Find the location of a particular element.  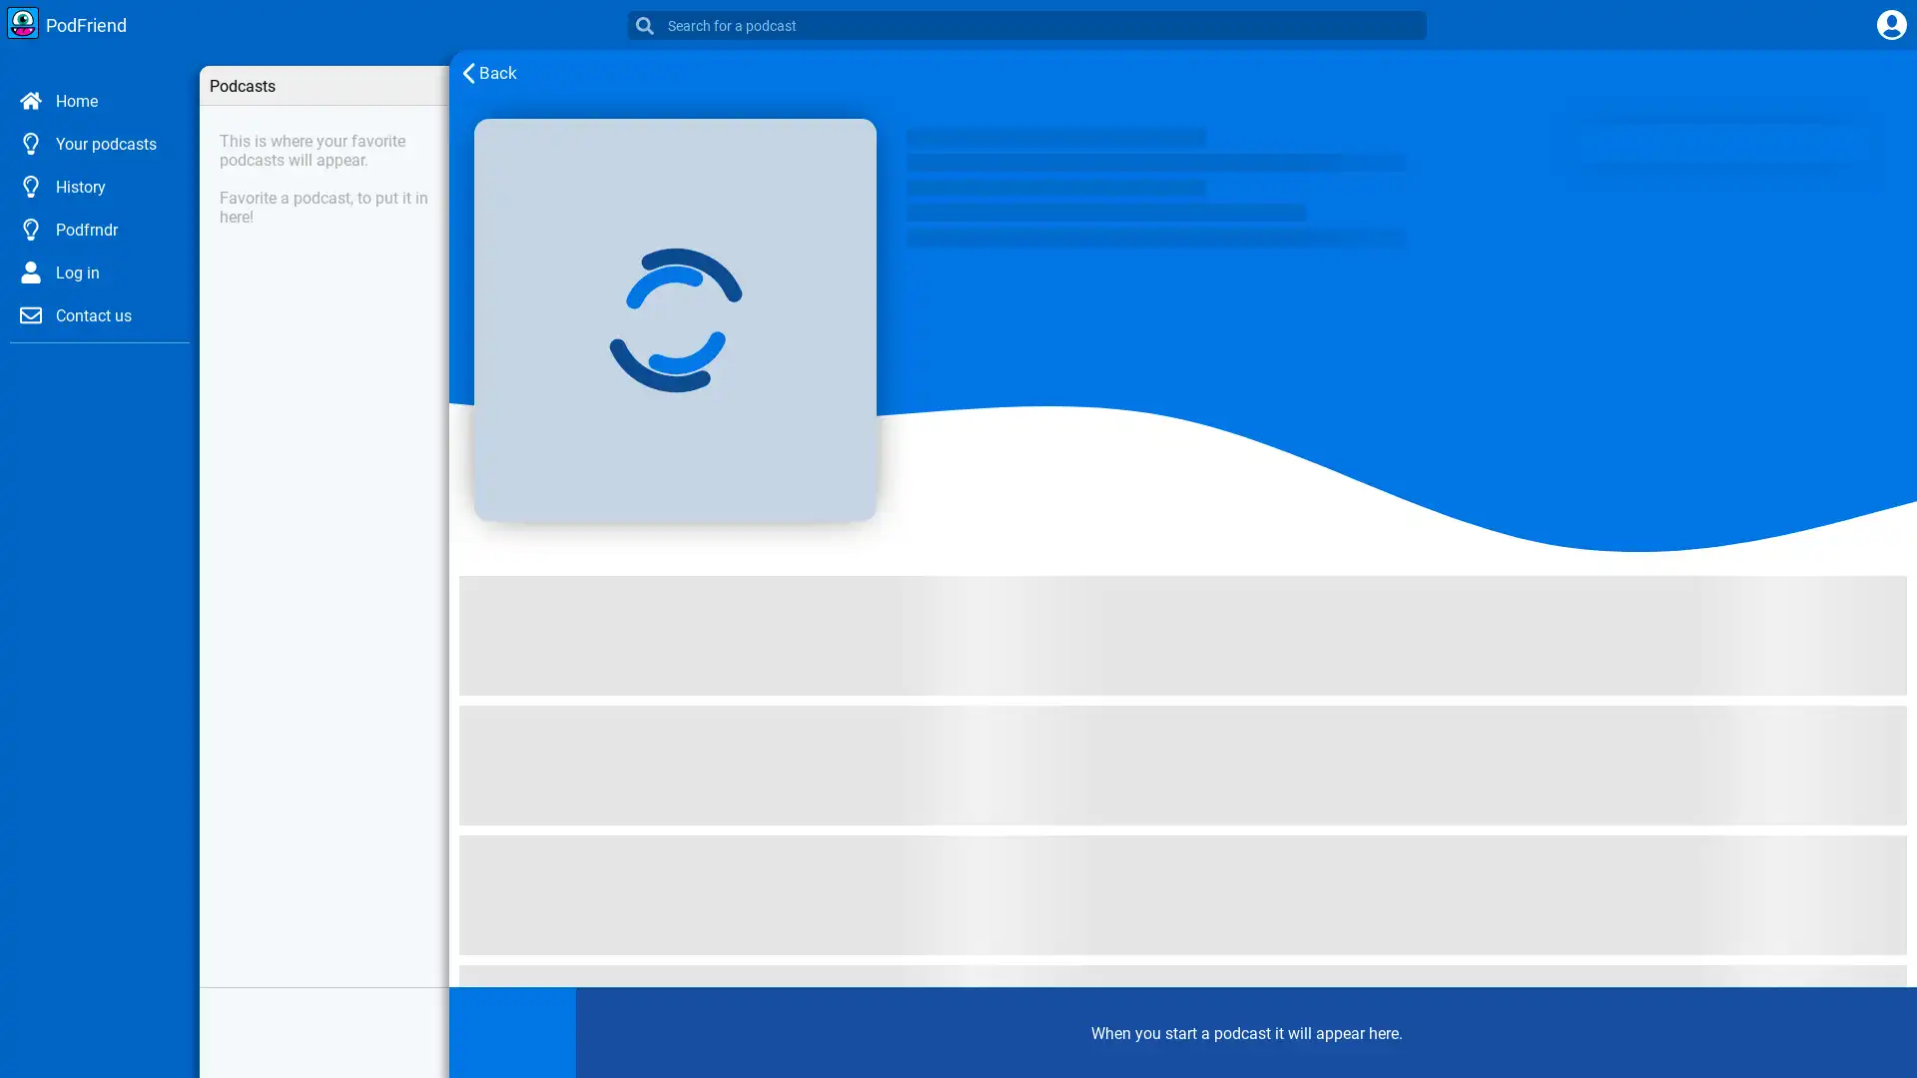

Share is located at coordinates (538, 867).